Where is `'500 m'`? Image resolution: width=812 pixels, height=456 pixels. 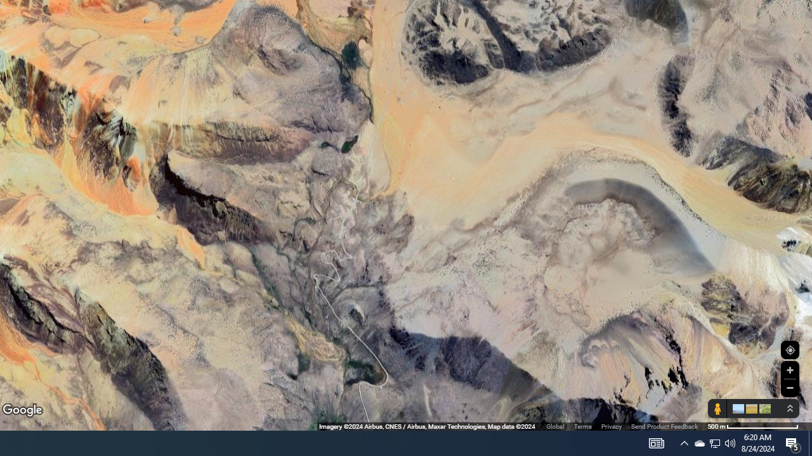
'500 m' is located at coordinates (753, 426).